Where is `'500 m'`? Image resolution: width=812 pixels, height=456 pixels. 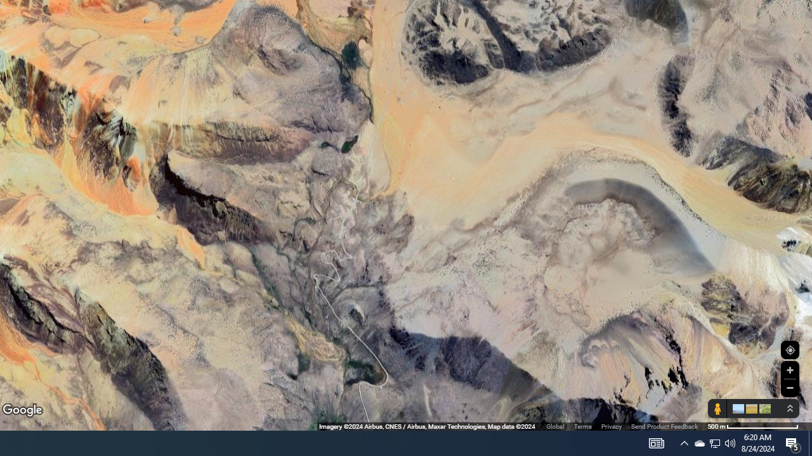
'500 m' is located at coordinates (753, 426).